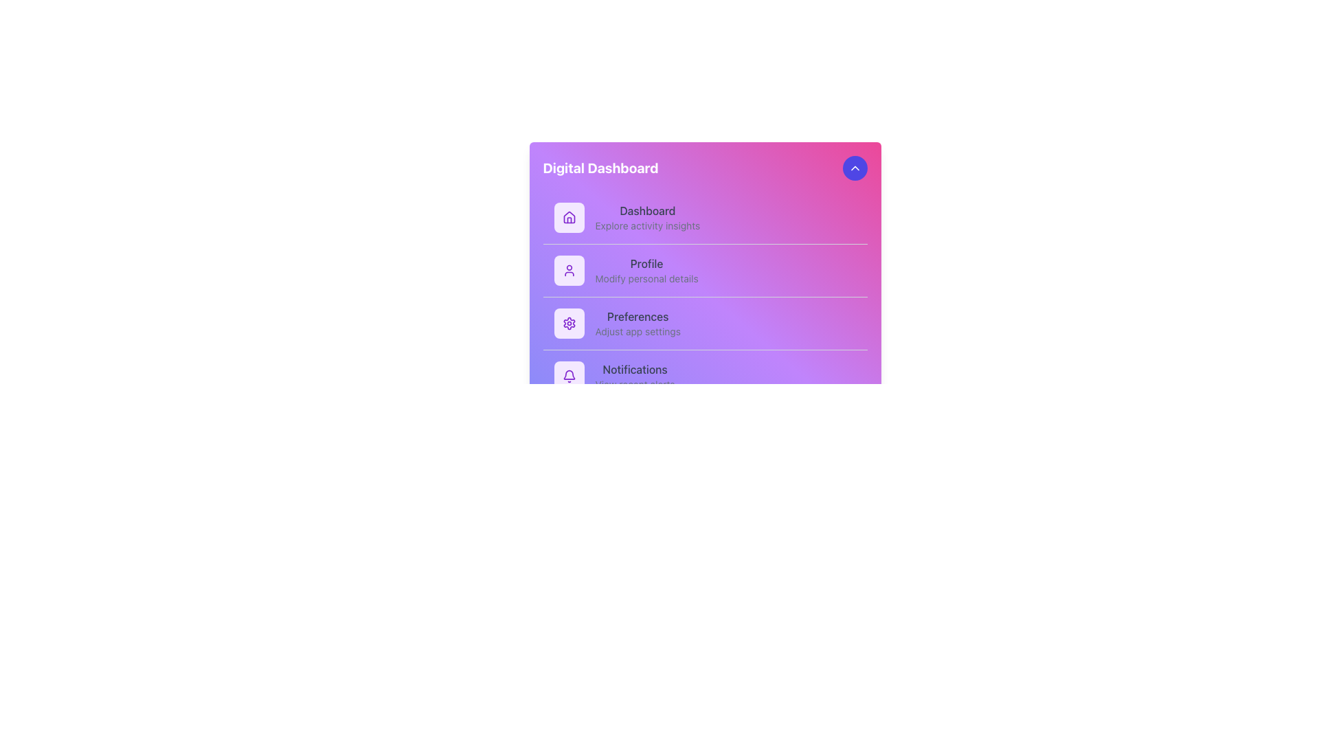 Image resolution: width=1319 pixels, height=742 pixels. What do you see at coordinates (569, 376) in the screenshot?
I see `the decorative notification icon located in the Notifications row, which is the first component aligned to the left of the text labels 'Notifications' and 'View recent alerts'` at bounding box center [569, 376].